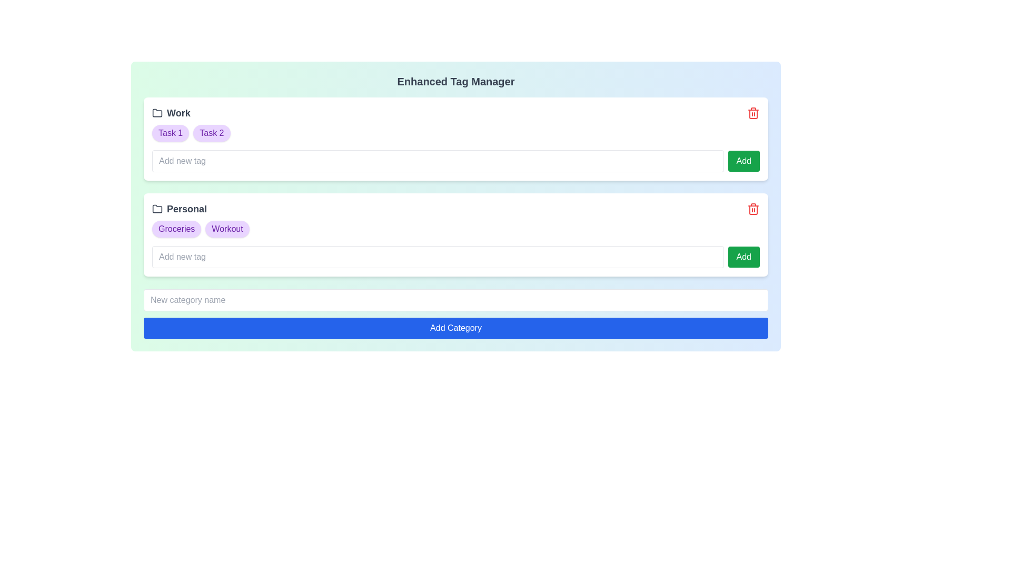  I want to click on the 'Groceries' tag, which is a pill-shaped label with purple text on a light purple background, located under the 'Personal' section header, so click(176, 229).